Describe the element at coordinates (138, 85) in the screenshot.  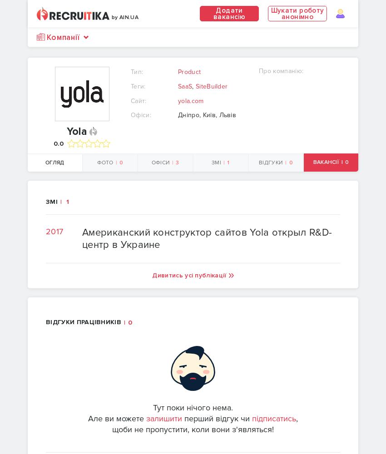
I see `'Теги:'` at that location.